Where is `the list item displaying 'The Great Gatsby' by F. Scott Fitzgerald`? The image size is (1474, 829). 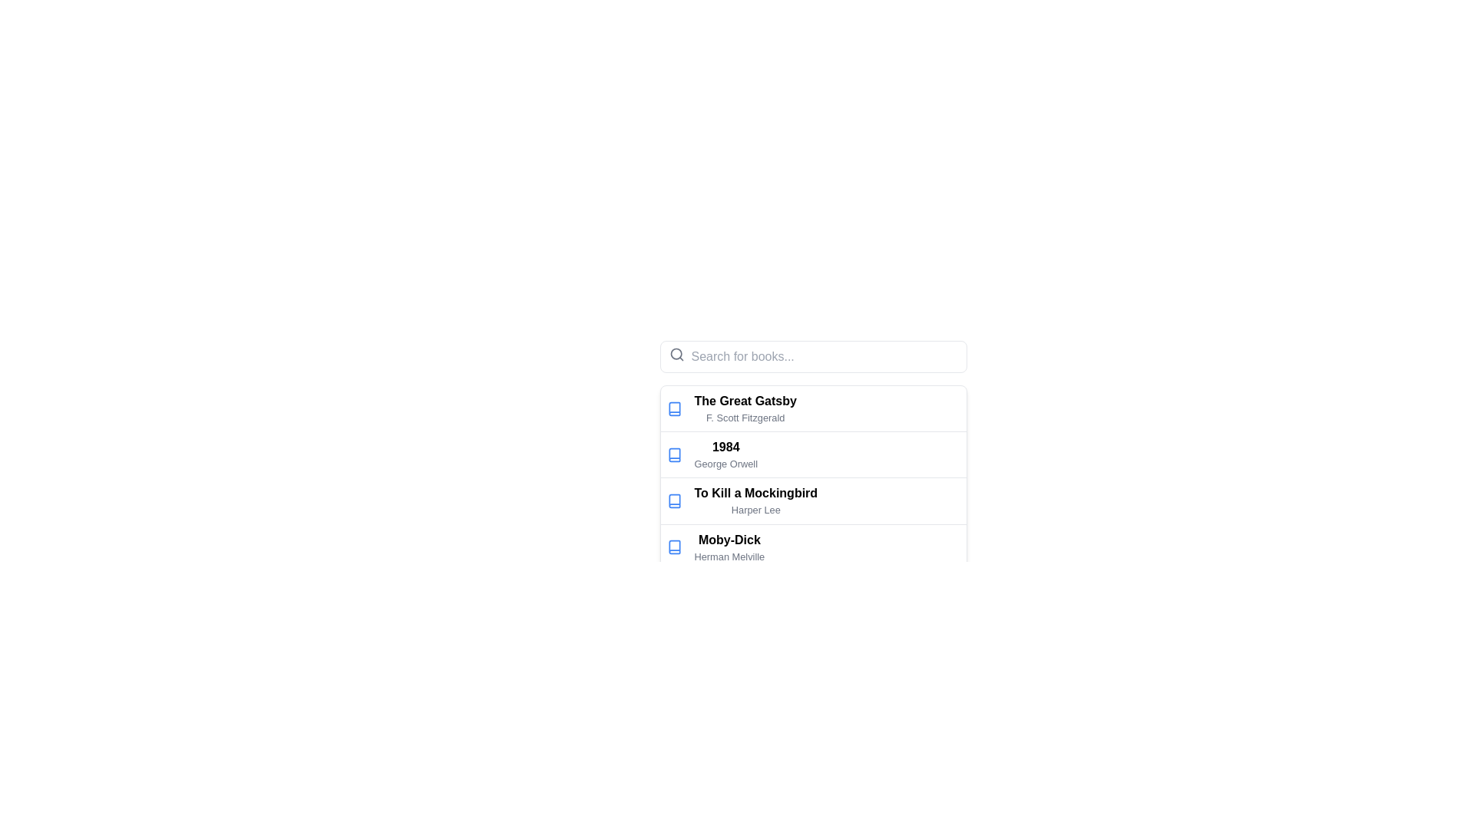
the list item displaying 'The Great Gatsby' by F. Scott Fitzgerald is located at coordinates (745, 408).